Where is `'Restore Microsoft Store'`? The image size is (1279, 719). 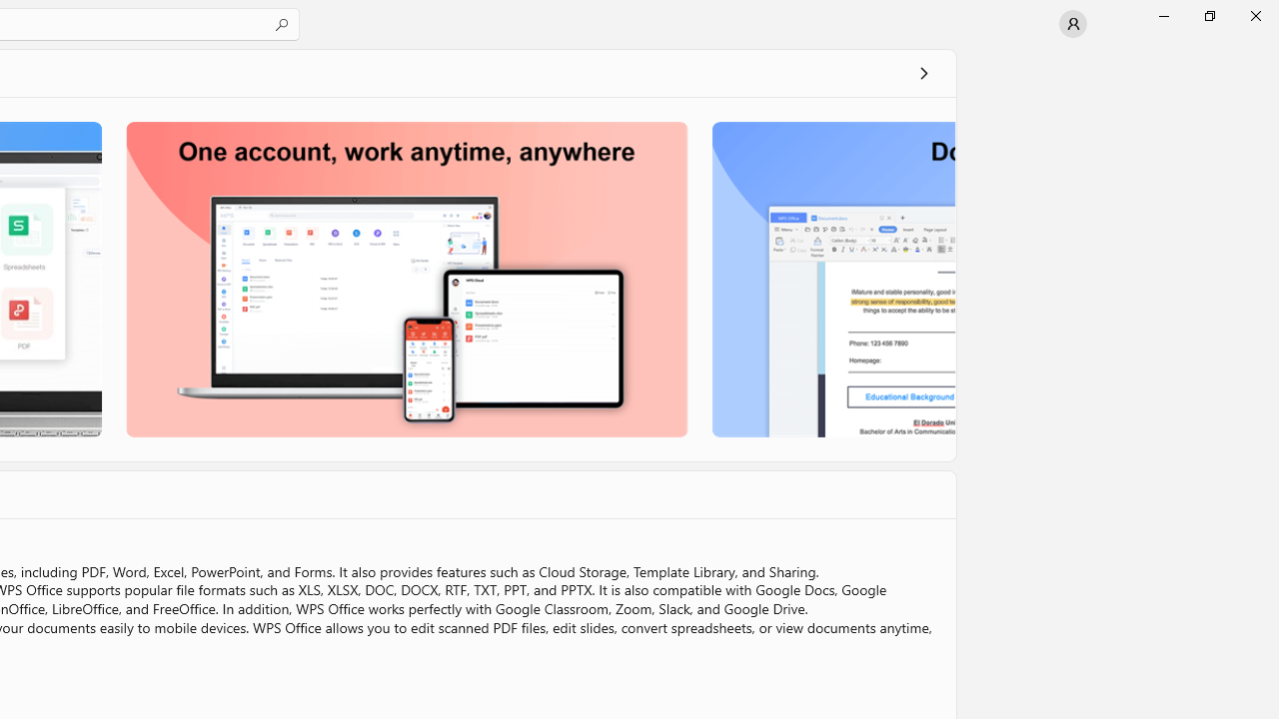 'Restore Microsoft Store' is located at coordinates (1208, 15).